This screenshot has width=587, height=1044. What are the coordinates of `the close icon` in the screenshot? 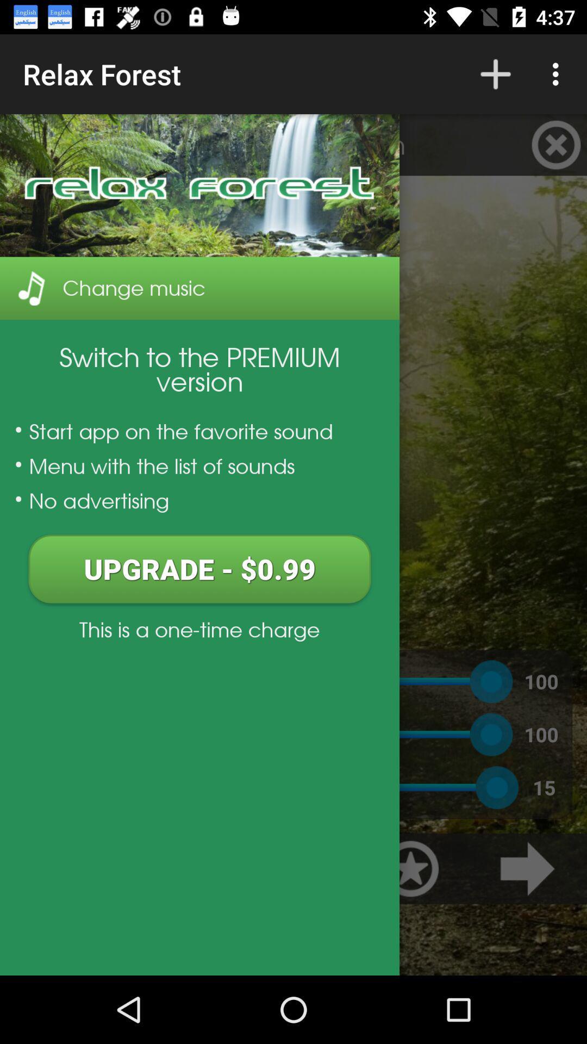 It's located at (556, 144).